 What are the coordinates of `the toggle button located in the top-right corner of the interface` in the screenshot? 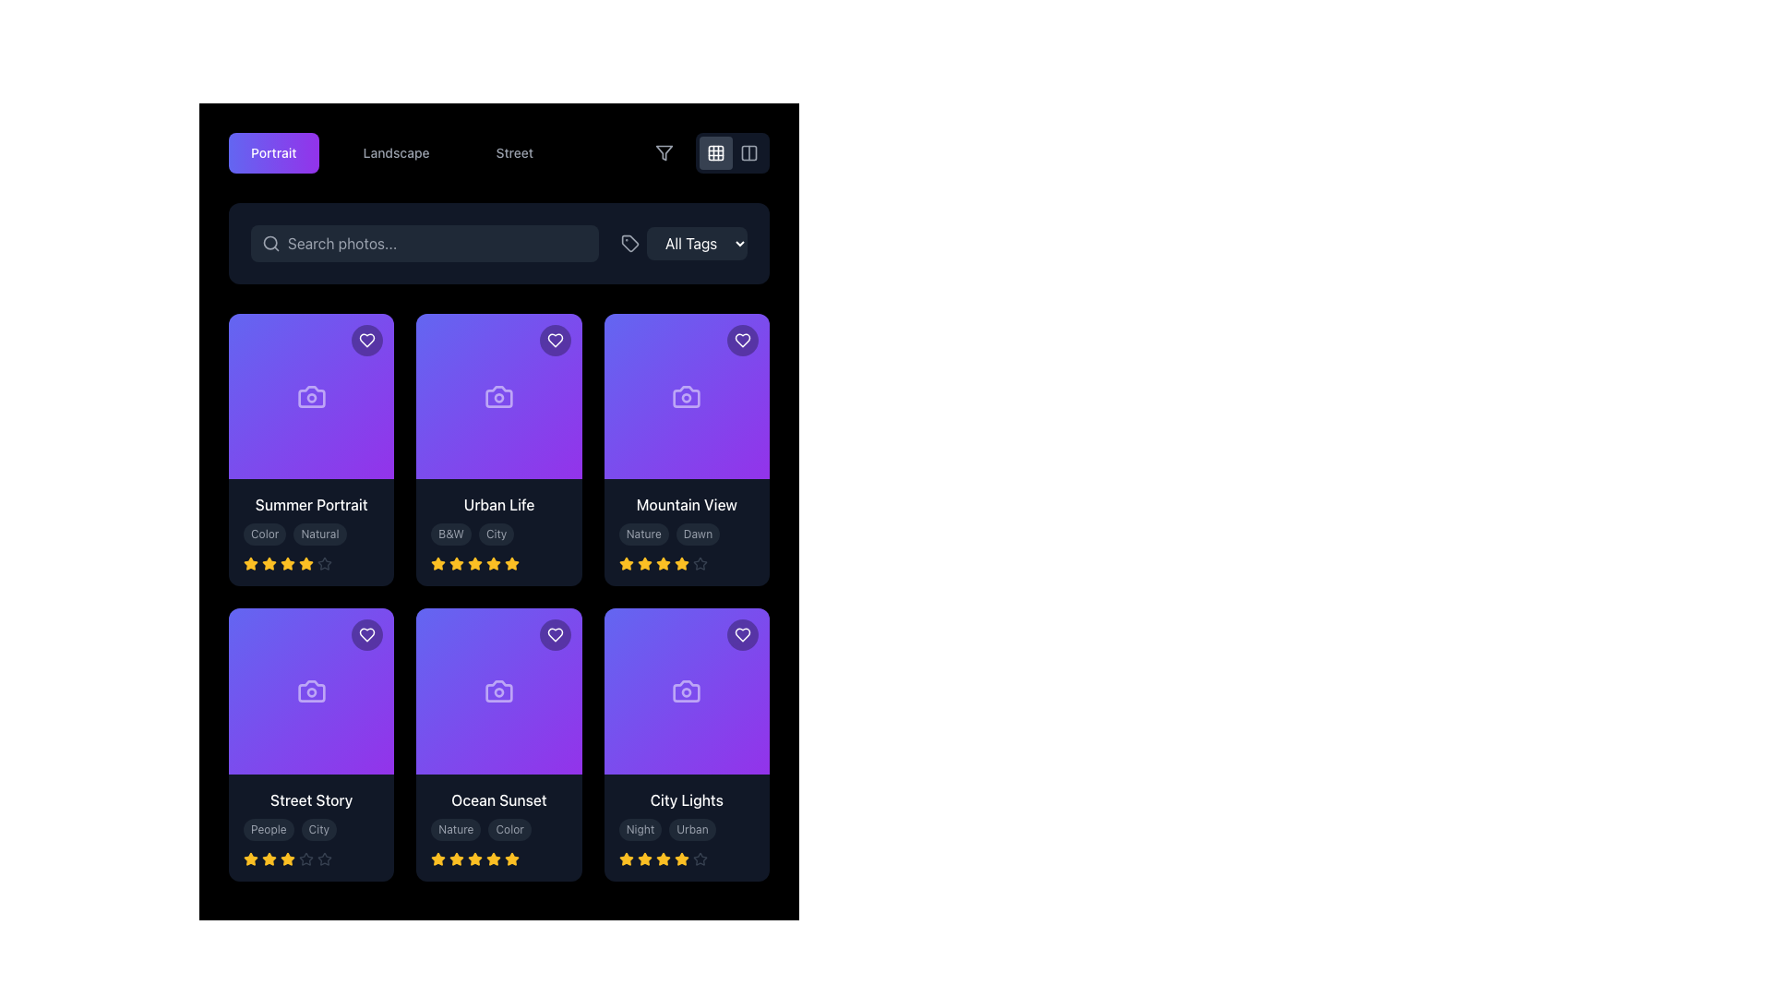 It's located at (715, 151).